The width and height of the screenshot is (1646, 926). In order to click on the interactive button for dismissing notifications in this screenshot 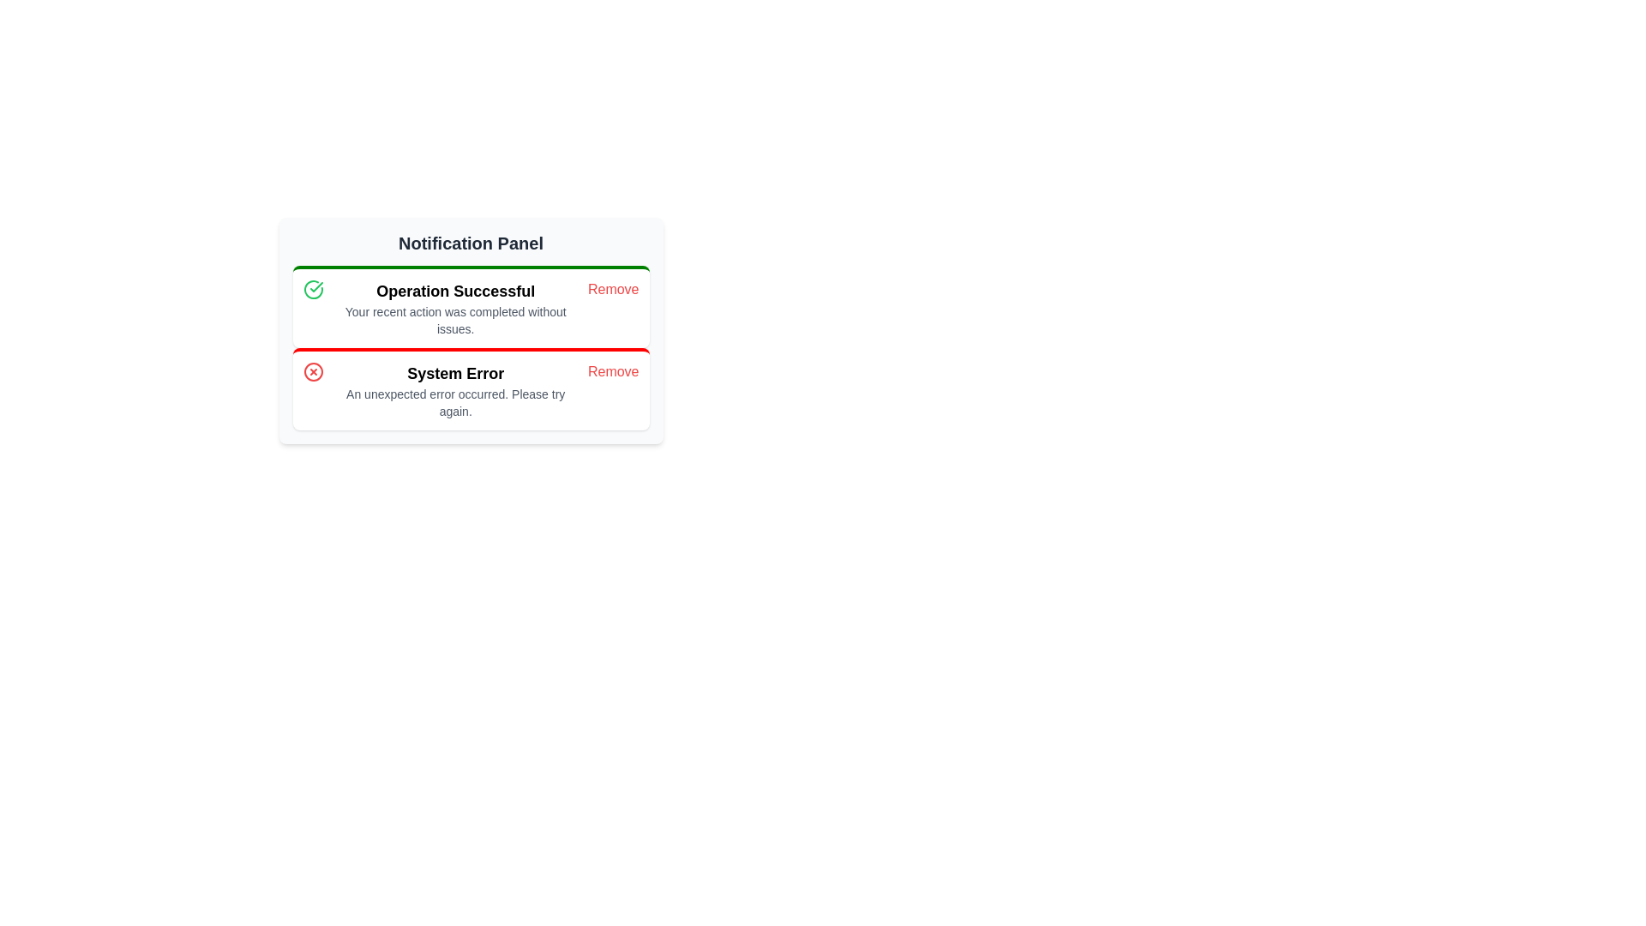, I will do `click(613, 289)`.